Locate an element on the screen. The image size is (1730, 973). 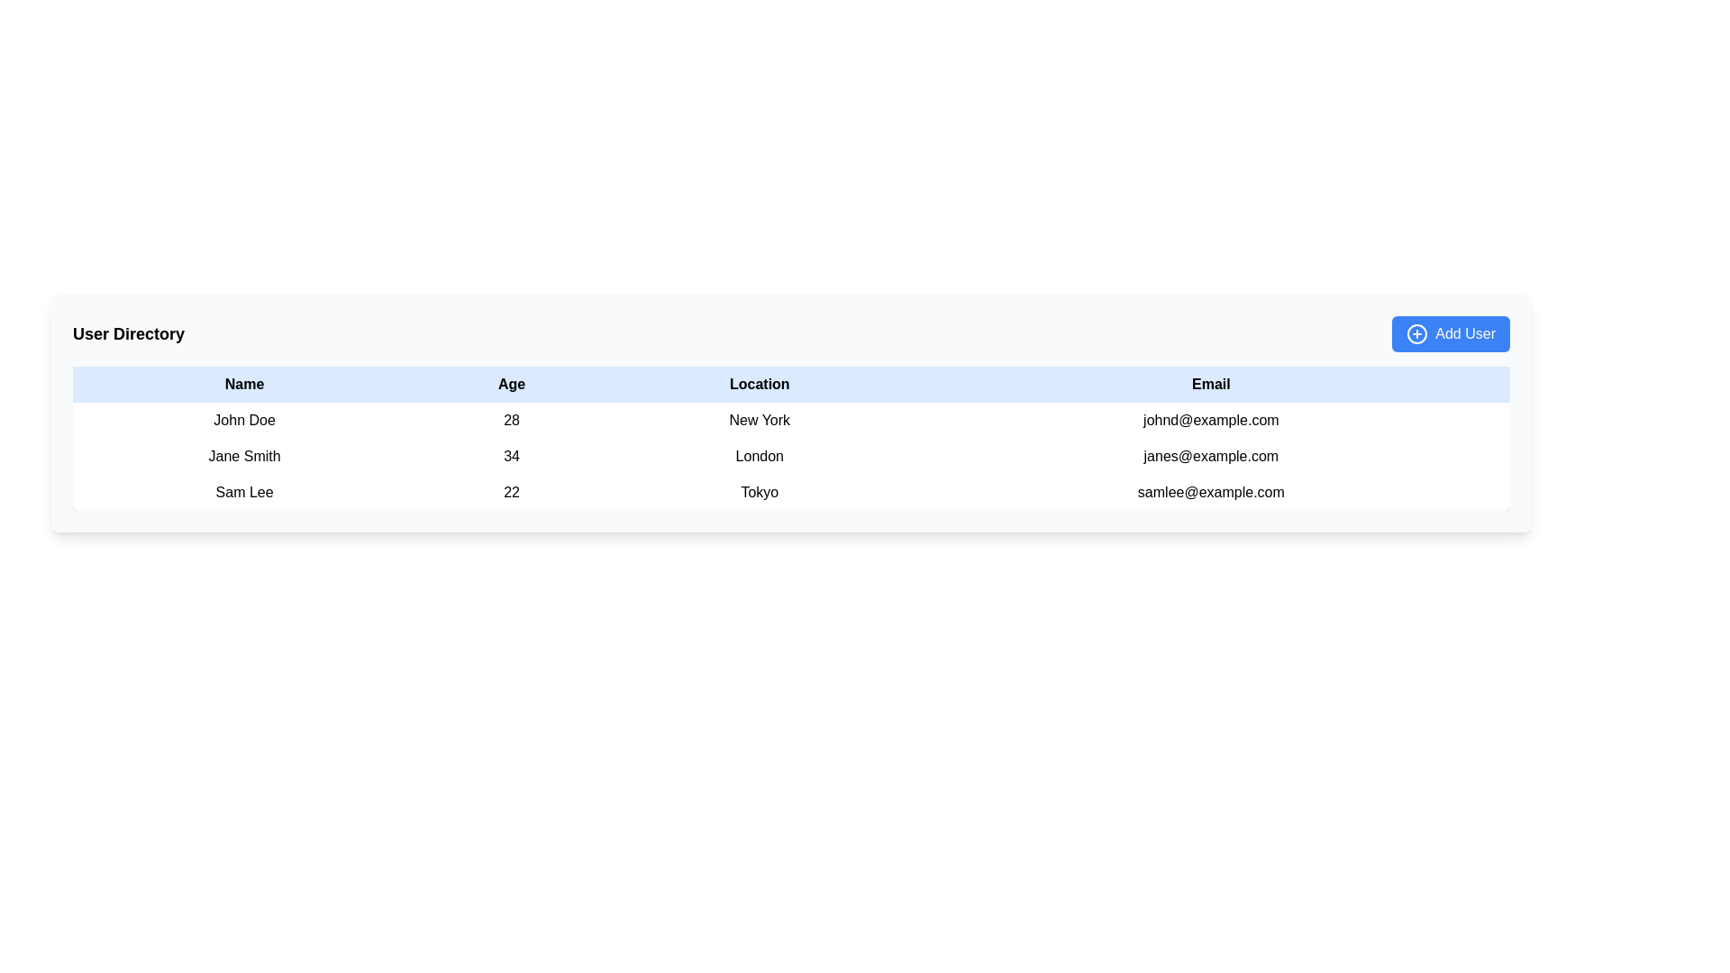
the table cell displaying the age of the individual listed in the first row under the 'Age' header, adjacent to the cell containing 'John Doe' is located at coordinates (510, 420).